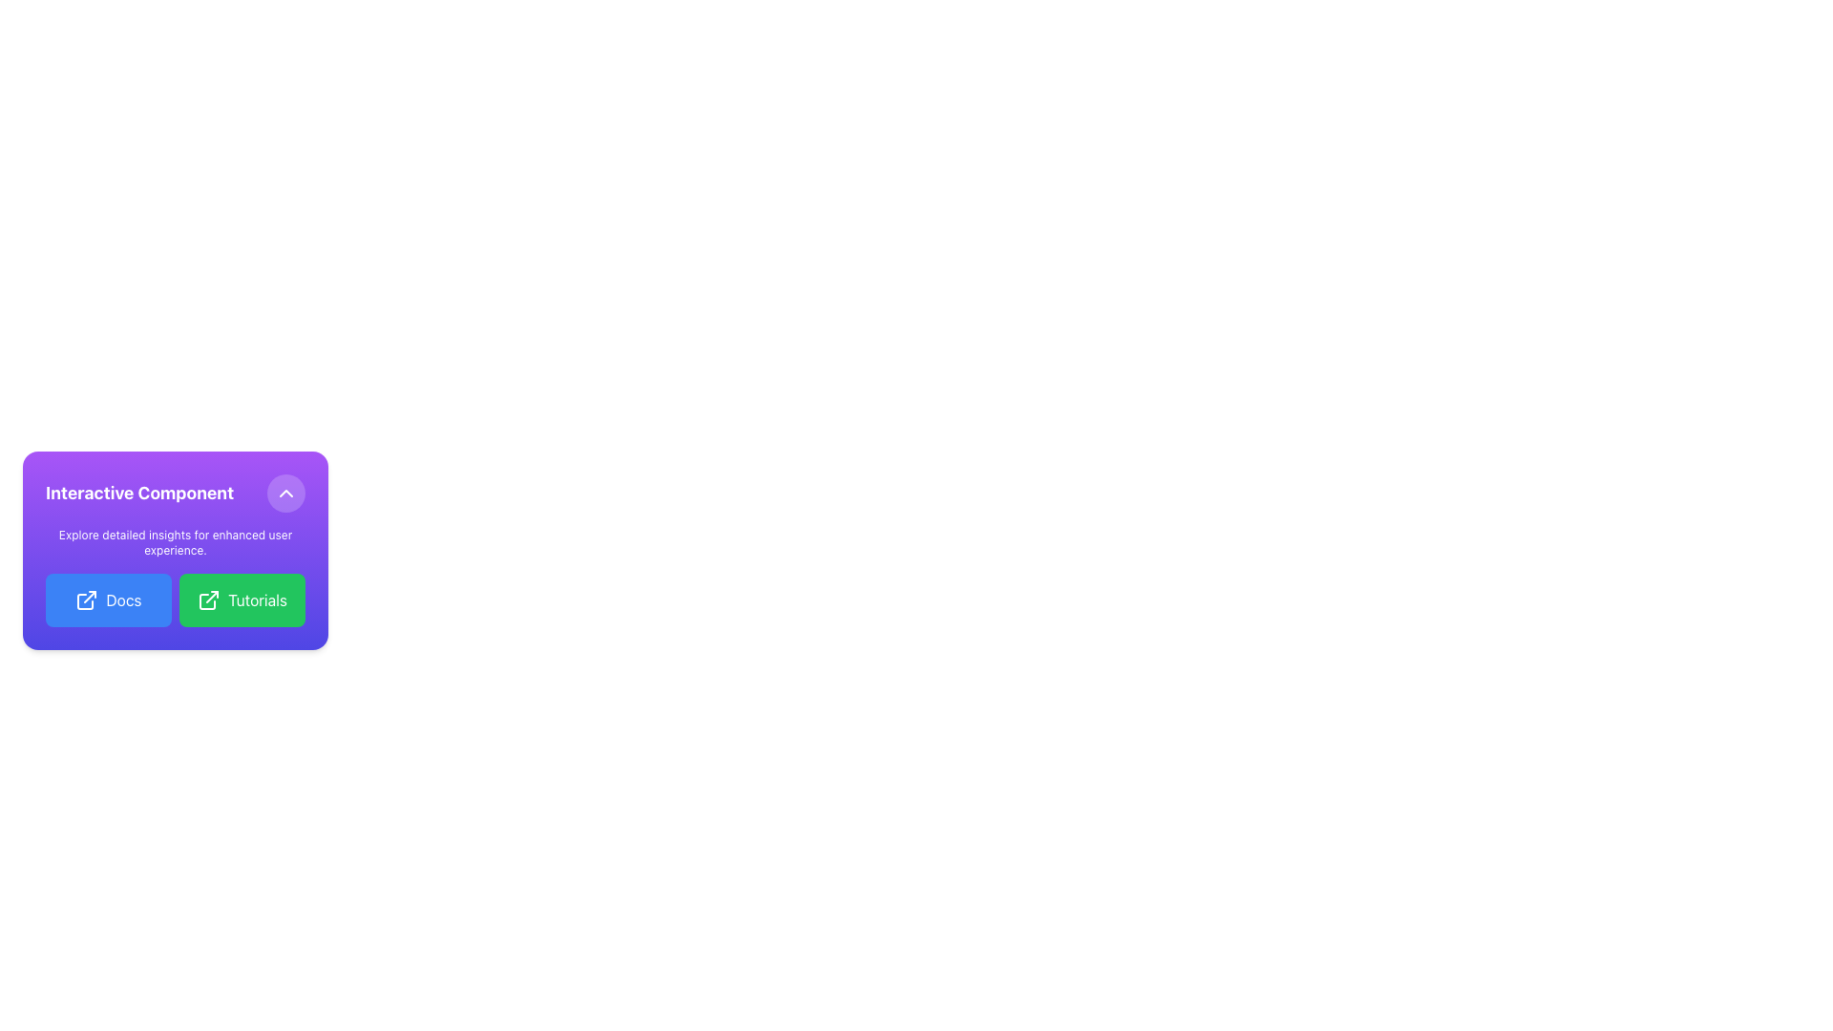 The height and width of the screenshot is (1031, 1833). What do you see at coordinates (175, 599) in the screenshot?
I see `the right button in the Grid of interactive buttons` at bounding box center [175, 599].